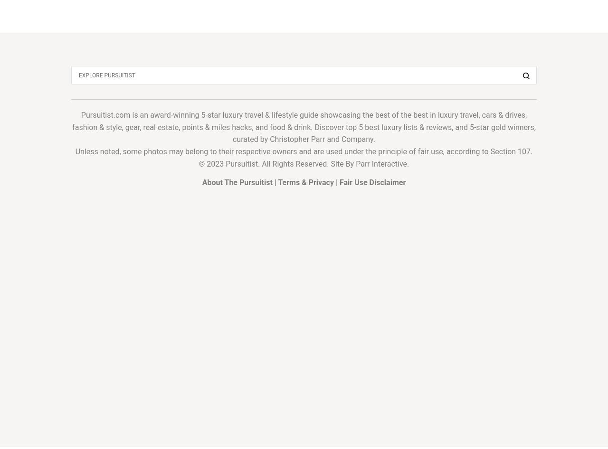 This screenshot has width=608, height=449. What do you see at coordinates (372, 182) in the screenshot?
I see `'Fair Use Disclaimer'` at bounding box center [372, 182].